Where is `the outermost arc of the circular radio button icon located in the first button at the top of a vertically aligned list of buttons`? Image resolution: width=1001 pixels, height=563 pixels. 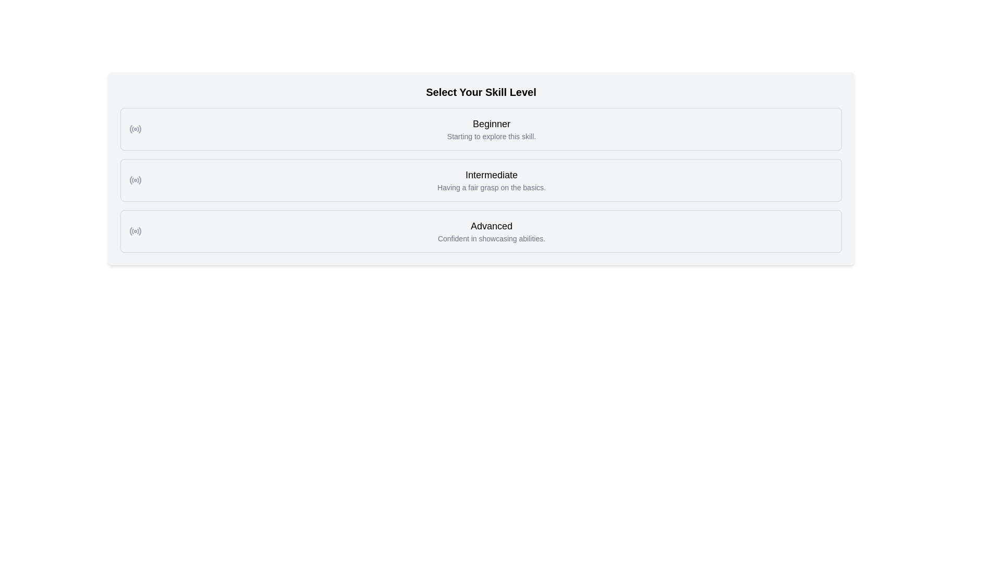
the outermost arc of the circular radio button icon located in the first button at the top of a vertically aligned list of buttons is located at coordinates (130, 128).